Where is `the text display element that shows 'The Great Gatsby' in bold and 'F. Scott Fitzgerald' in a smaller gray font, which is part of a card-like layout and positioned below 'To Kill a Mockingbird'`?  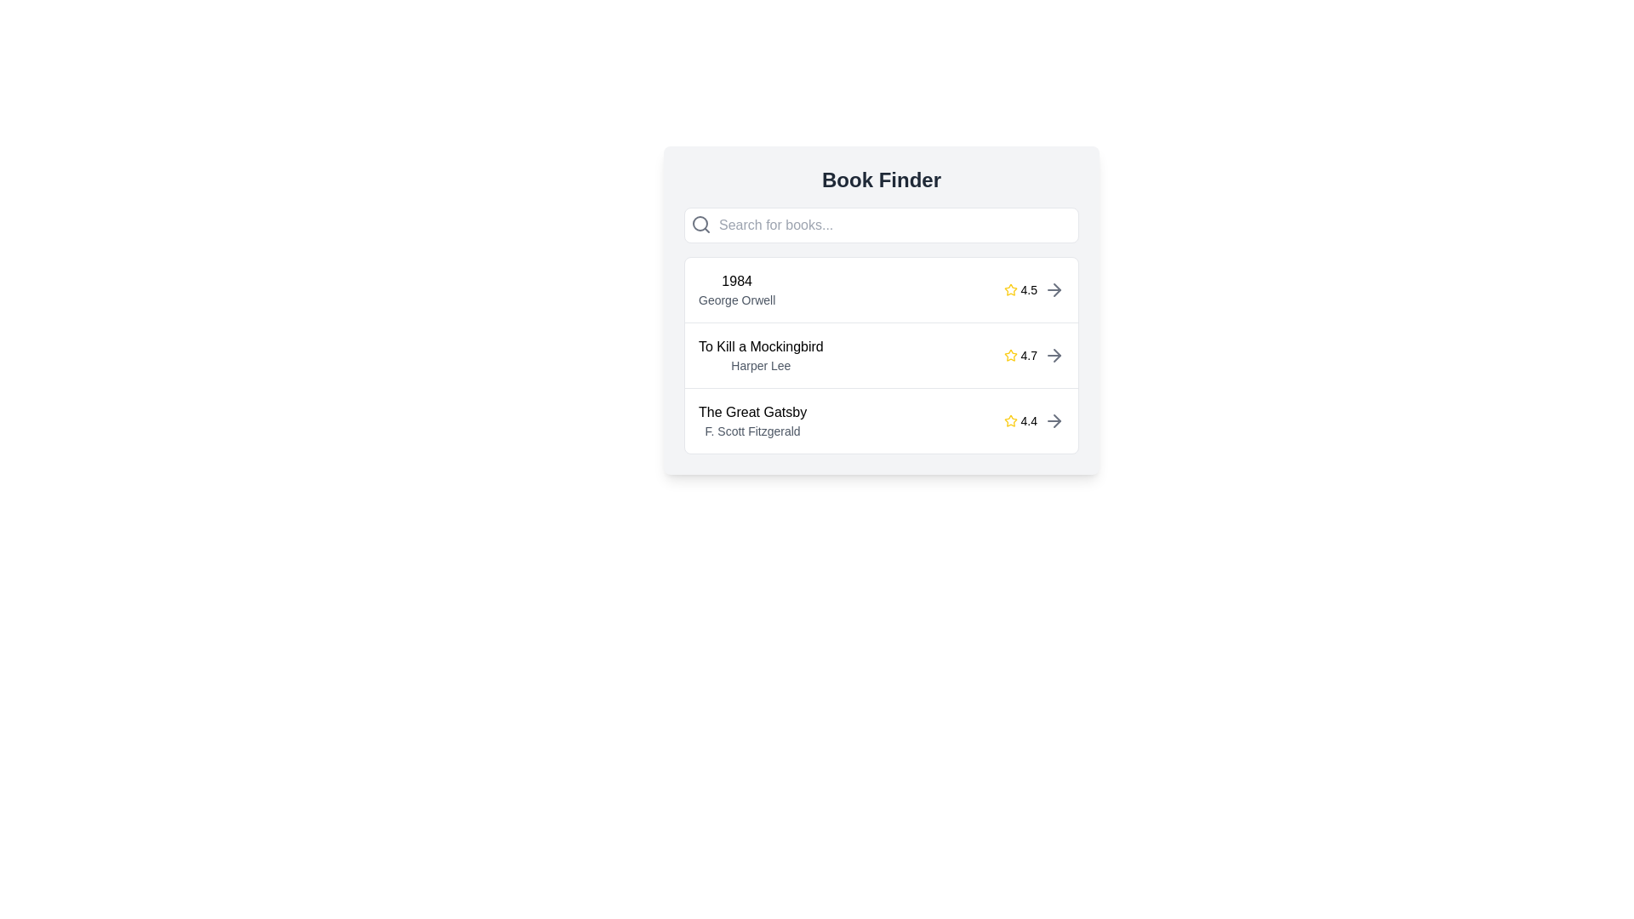
the text display element that shows 'The Great Gatsby' in bold and 'F. Scott Fitzgerald' in a smaller gray font, which is part of a card-like layout and positioned below 'To Kill a Mockingbird' is located at coordinates (751, 420).